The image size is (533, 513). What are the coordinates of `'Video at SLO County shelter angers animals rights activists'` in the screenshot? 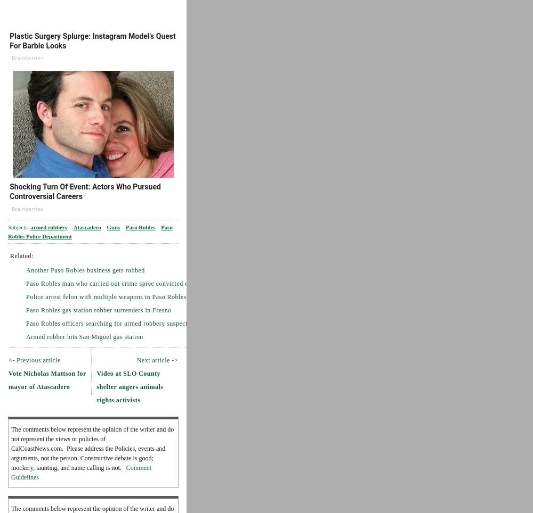 It's located at (96, 385).